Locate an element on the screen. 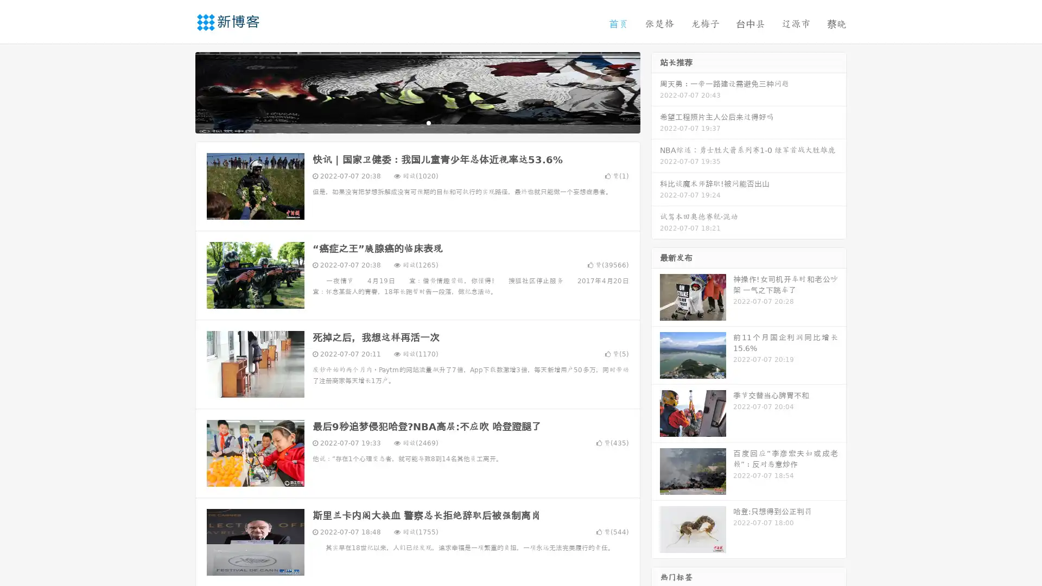 The image size is (1042, 586). Next slide is located at coordinates (656, 91).